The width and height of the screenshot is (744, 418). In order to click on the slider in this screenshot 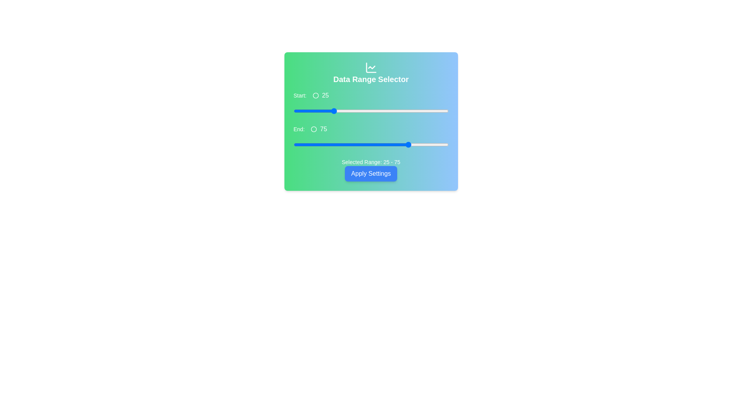, I will do `click(296, 111)`.